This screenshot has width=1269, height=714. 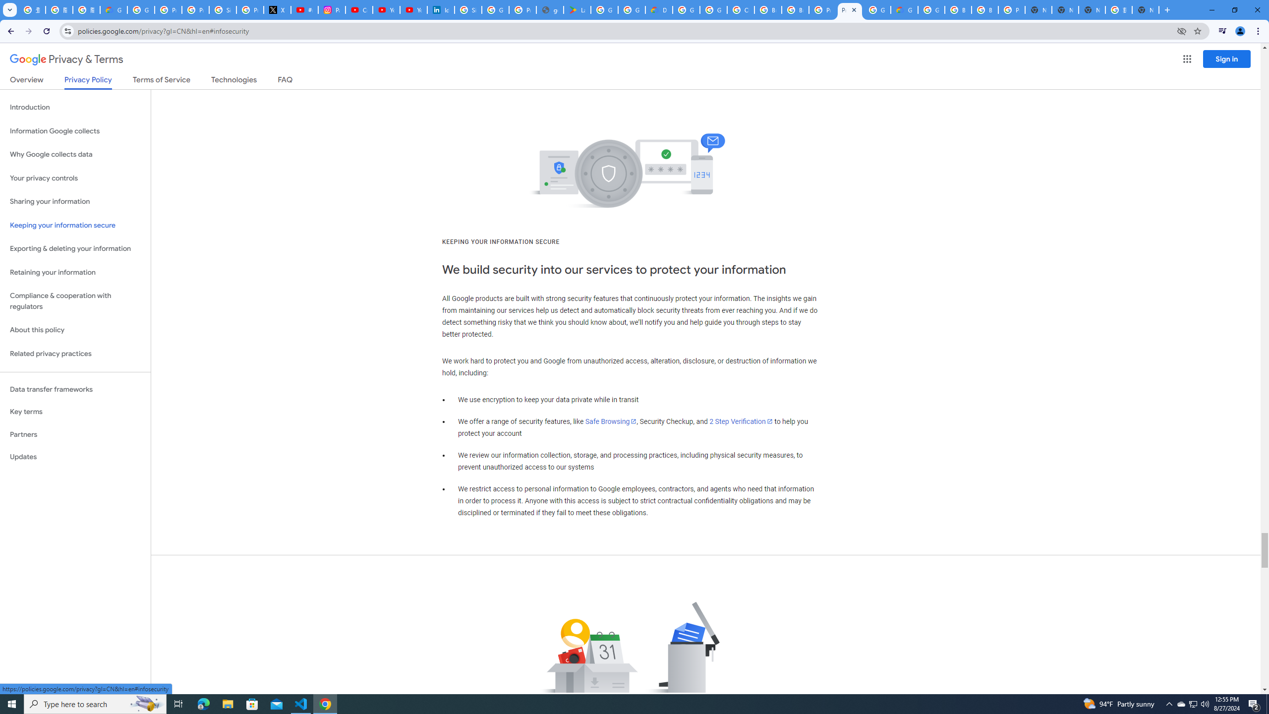 What do you see at coordinates (75, 301) in the screenshot?
I see `'Compliance & cooperation with regulators'` at bounding box center [75, 301].